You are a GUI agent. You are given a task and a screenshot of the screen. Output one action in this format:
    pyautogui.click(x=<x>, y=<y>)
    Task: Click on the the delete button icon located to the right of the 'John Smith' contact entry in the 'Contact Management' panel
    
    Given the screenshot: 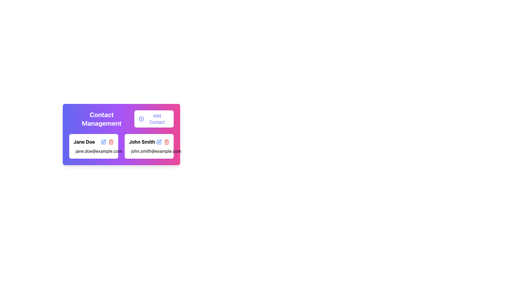 What is the action you would take?
    pyautogui.click(x=111, y=142)
    